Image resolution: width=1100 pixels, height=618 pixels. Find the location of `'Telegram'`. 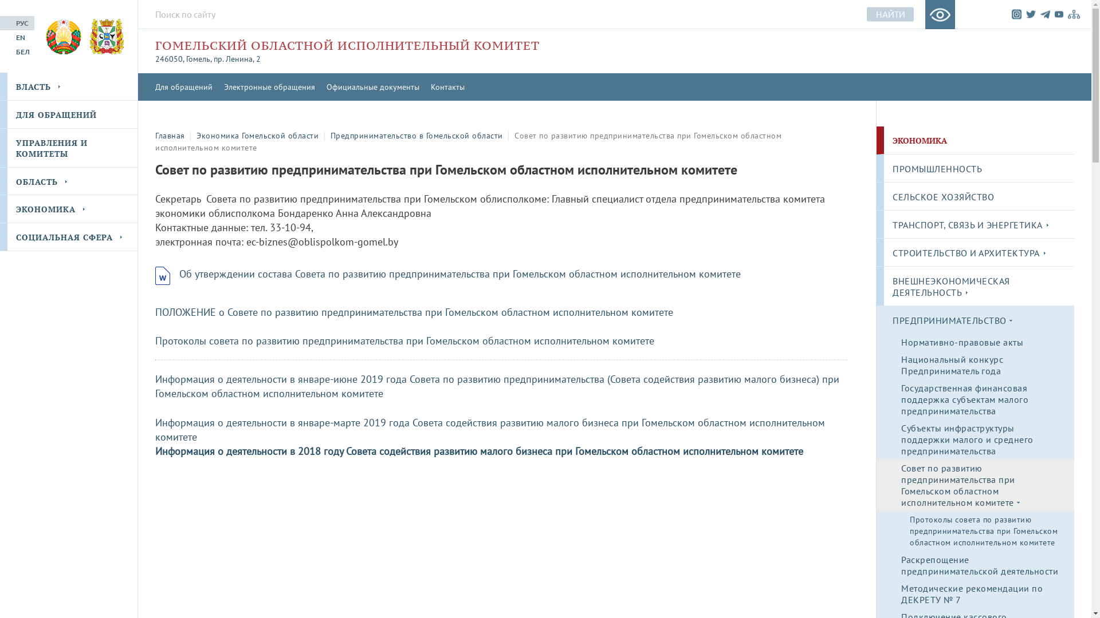

'Telegram' is located at coordinates (1045, 14).